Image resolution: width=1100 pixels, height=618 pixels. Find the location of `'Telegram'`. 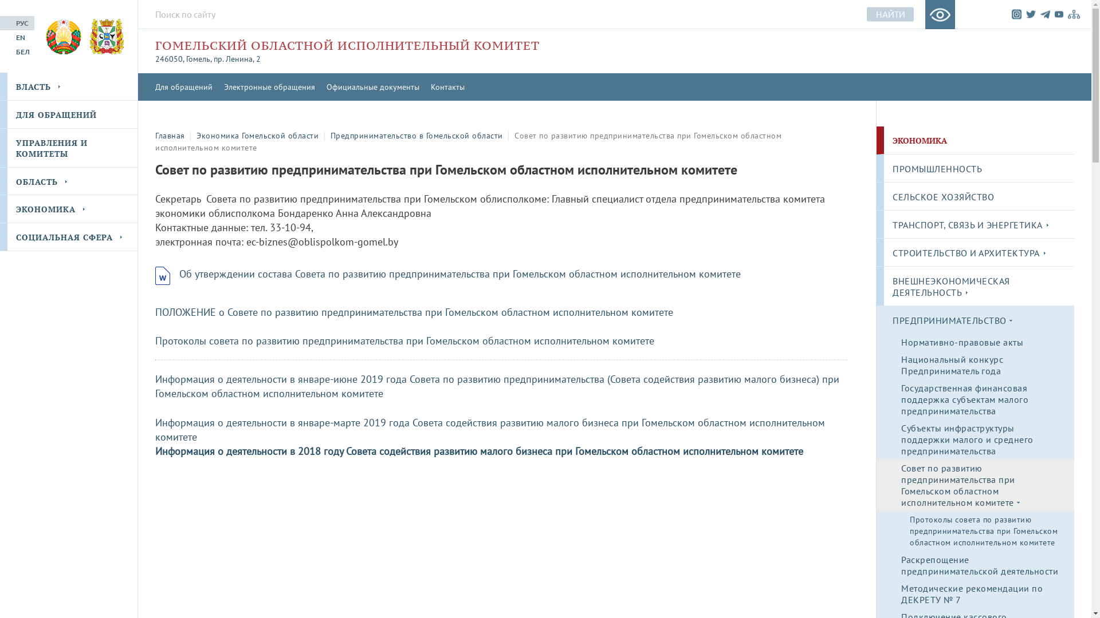

'Telegram' is located at coordinates (1045, 14).